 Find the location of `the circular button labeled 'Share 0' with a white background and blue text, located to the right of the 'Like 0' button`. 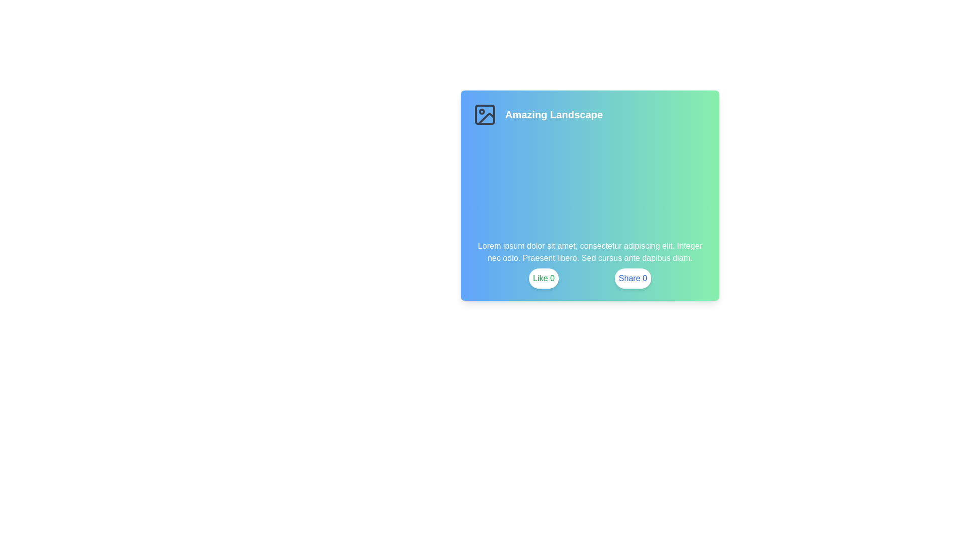

the circular button labeled 'Share 0' with a white background and blue text, located to the right of the 'Like 0' button is located at coordinates (632, 279).